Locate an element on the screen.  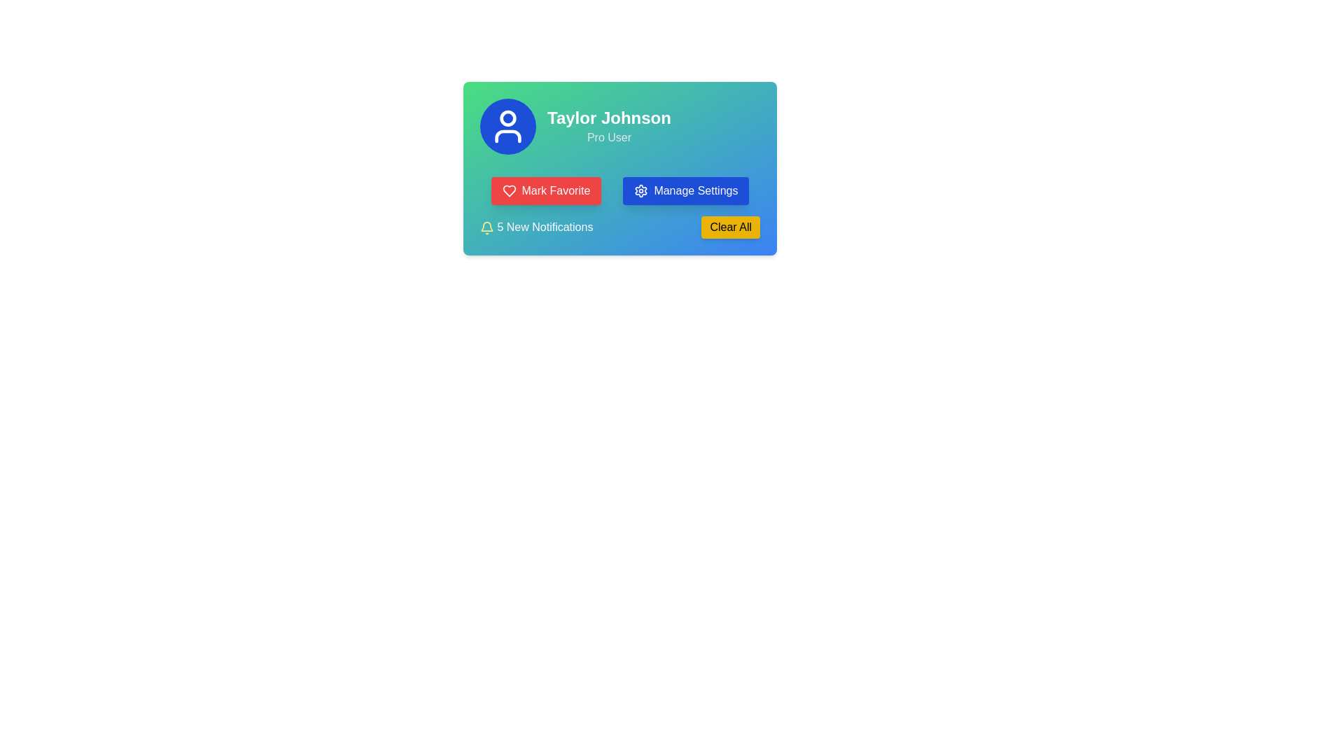
the text label displaying the name 'Taylor Johnson' at the top center of the user profile card interface is located at coordinates (609, 118).